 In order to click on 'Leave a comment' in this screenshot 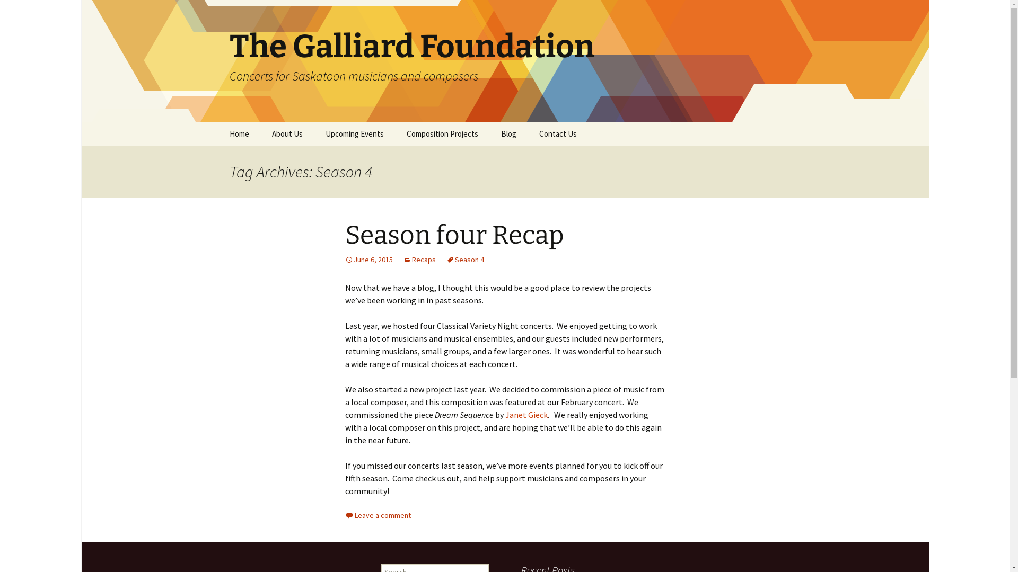, I will do `click(344, 514)`.